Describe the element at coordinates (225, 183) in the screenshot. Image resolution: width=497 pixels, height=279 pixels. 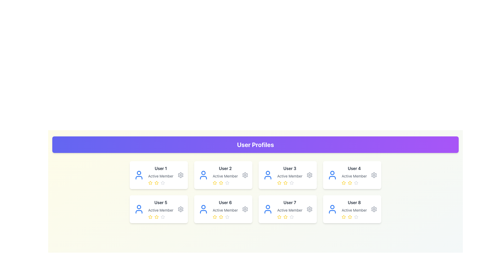
I see `on a star in the Star rating component located at the bottom section of the card for 'User 2', below the text 'Active Member'` at that location.